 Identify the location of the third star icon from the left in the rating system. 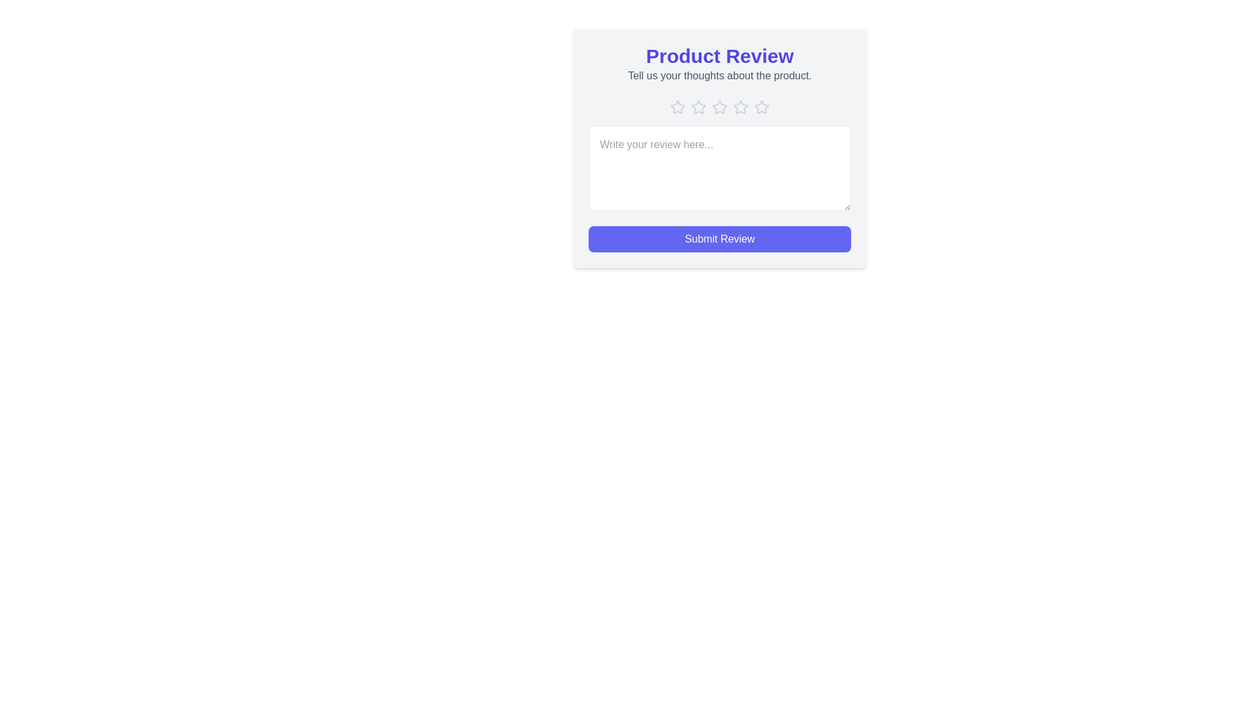
(740, 107).